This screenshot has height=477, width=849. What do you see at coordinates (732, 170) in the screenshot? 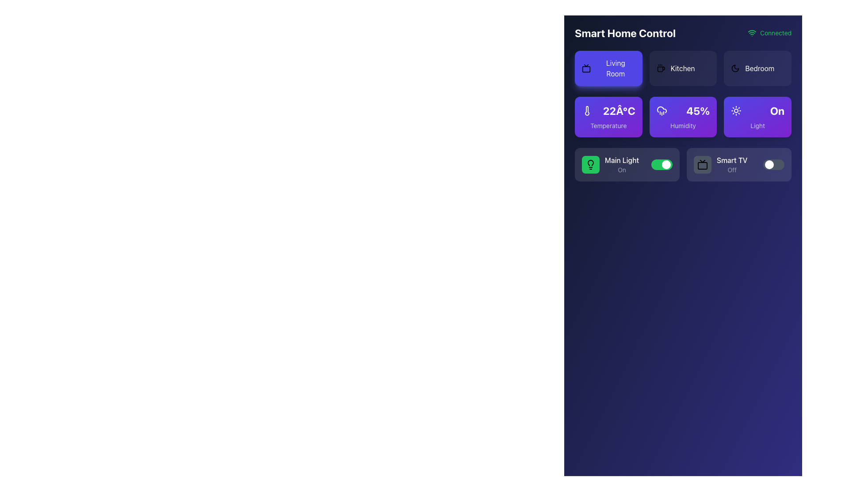
I see `the label displaying the current state ('Off') of the Smart TV control feature, located in the bottom-right corner of the 'Smart Home Control' section` at bounding box center [732, 170].